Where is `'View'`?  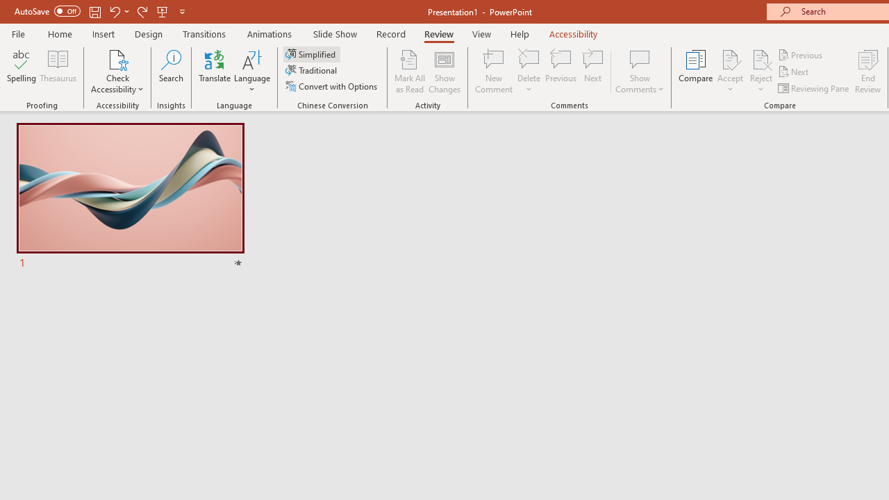
'View' is located at coordinates (481, 33).